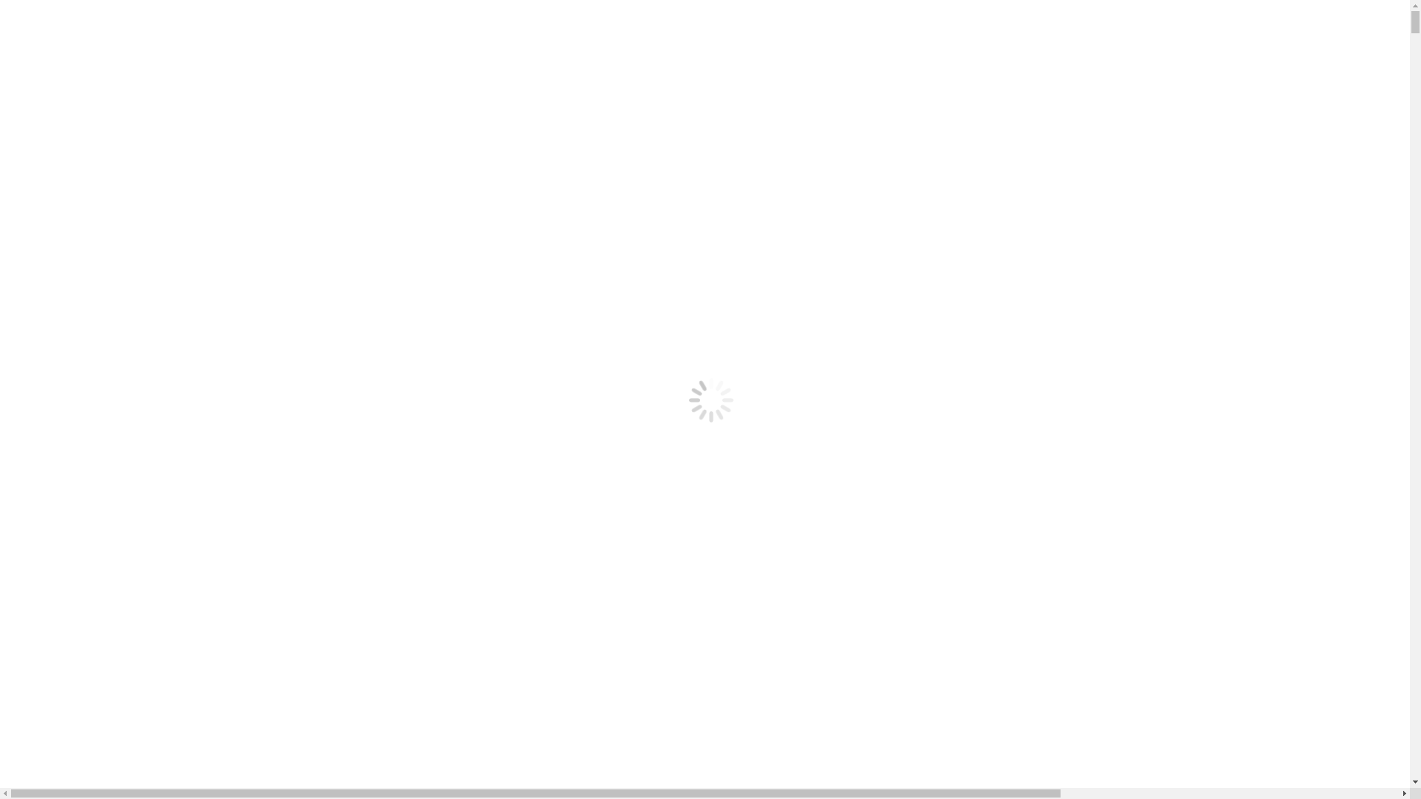 The width and height of the screenshot is (1421, 799). I want to click on 'Skip to content', so click(41, 12).